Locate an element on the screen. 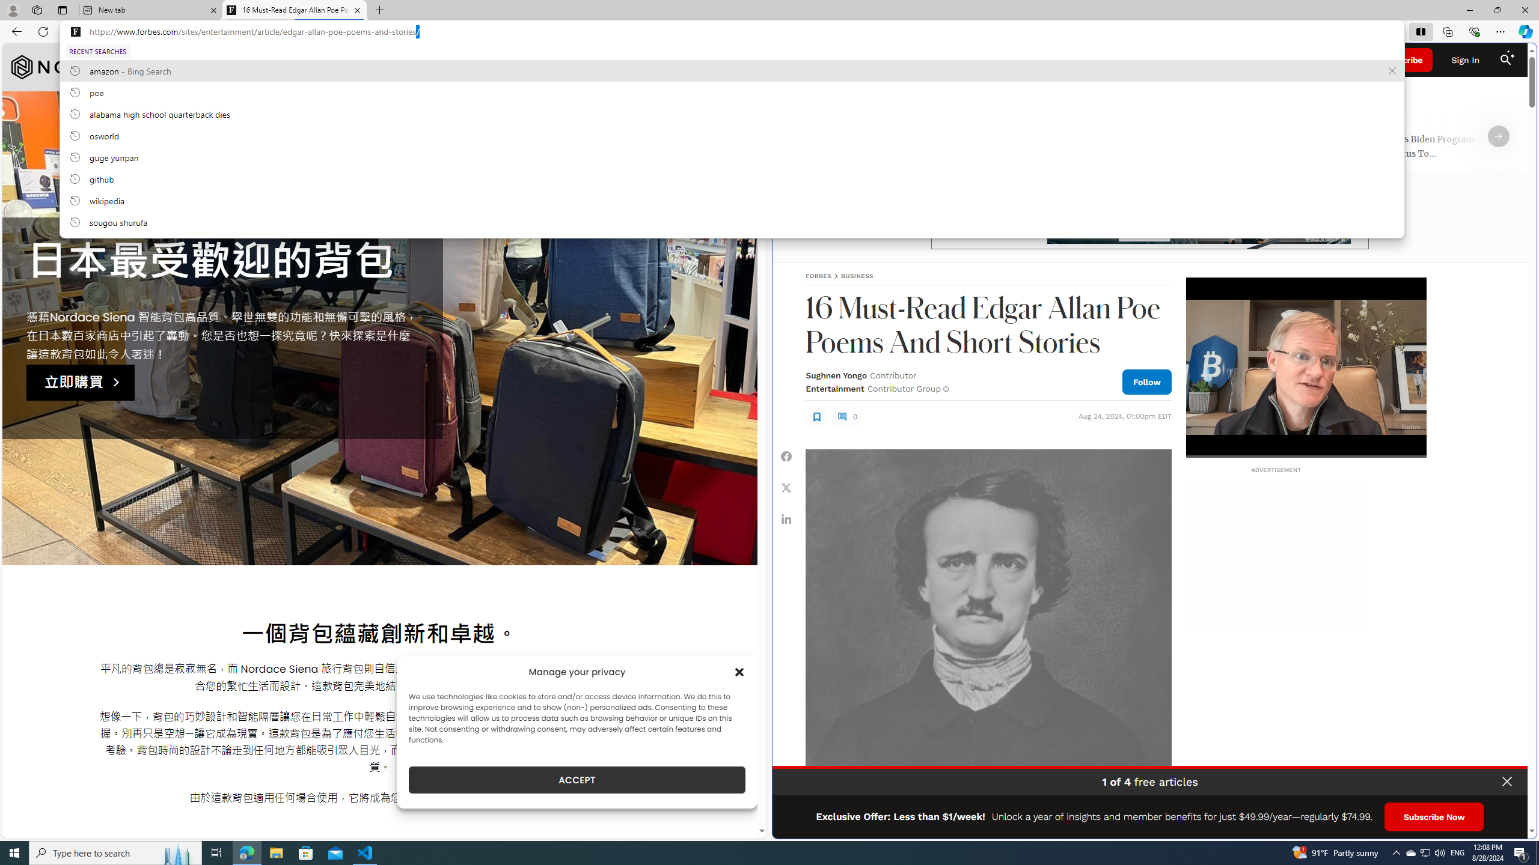 Image resolution: width=1539 pixels, height=865 pixels. 'Entertainment' is located at coordinates (834, 388).